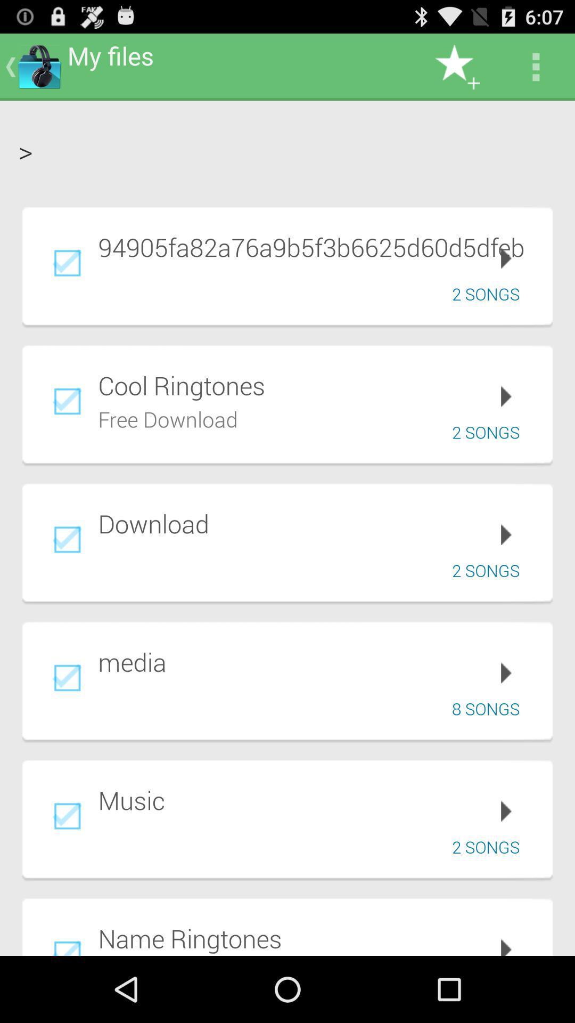  Describe the element at coordinates (317, 938) in the screenshot. I see `name ringtones icon` at that location.